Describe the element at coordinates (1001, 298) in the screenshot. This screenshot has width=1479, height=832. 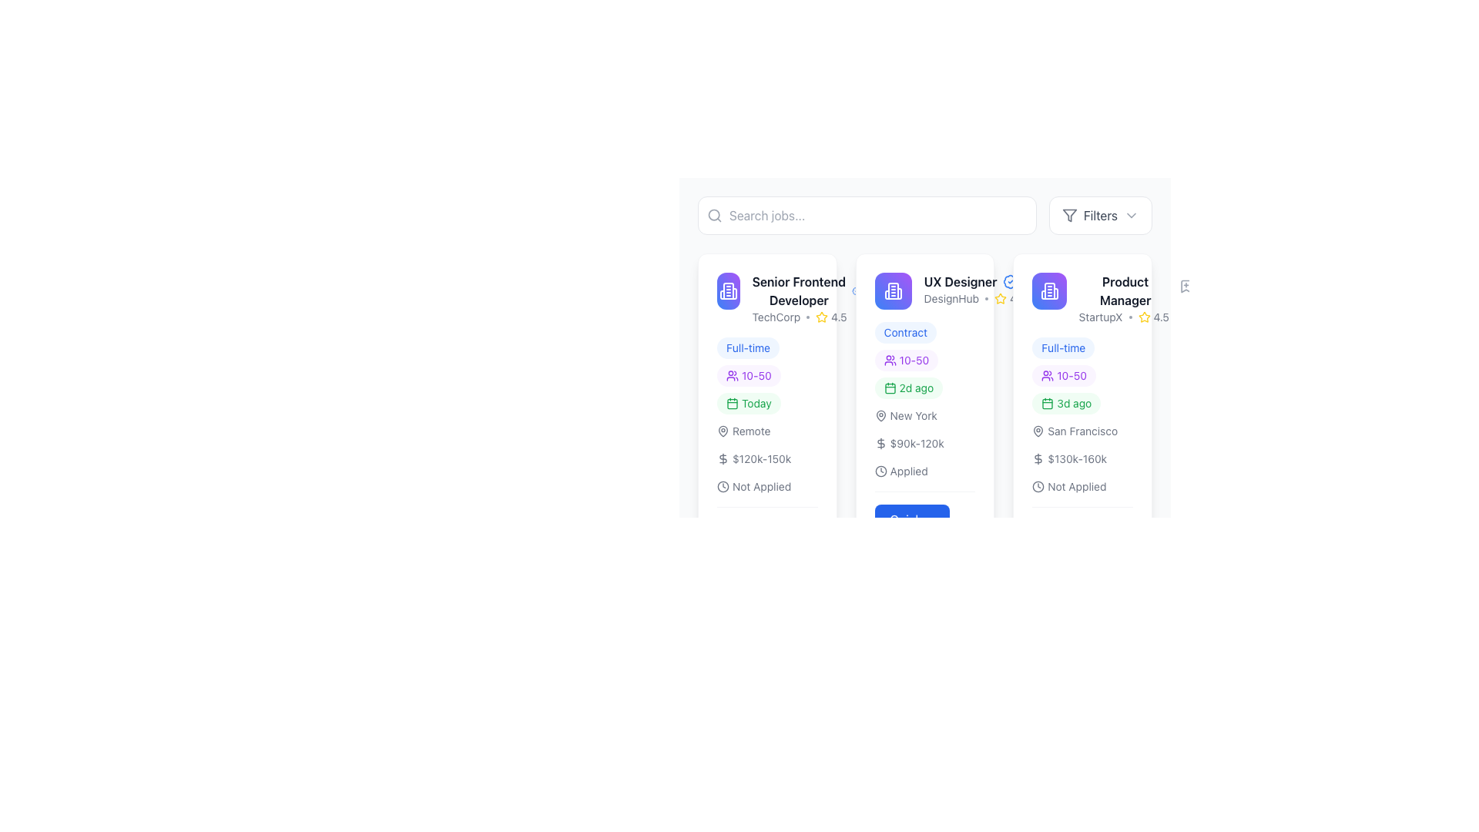
I see `the star icon in the upper right corner of the 'UX Designer' job listing card to mark it as a favorite` at that location.